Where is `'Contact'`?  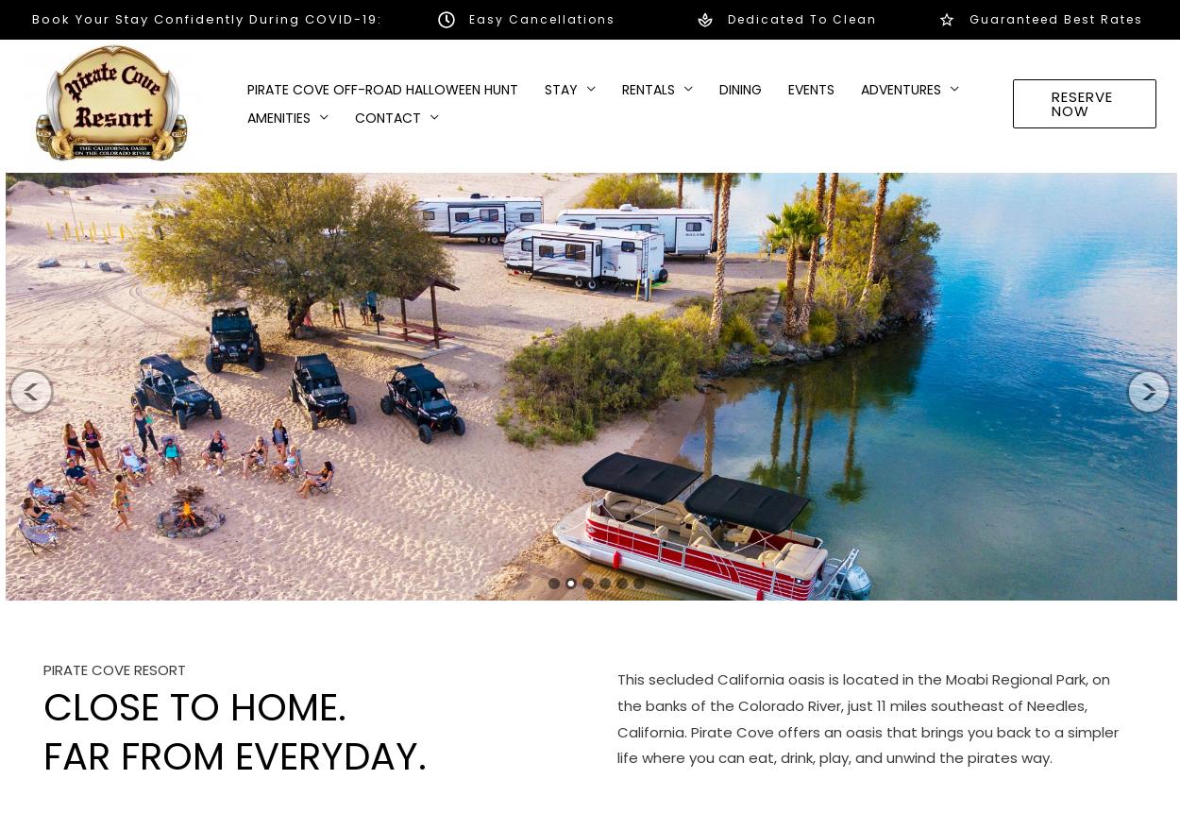
'Contact' is located at coordinates (388, 117).